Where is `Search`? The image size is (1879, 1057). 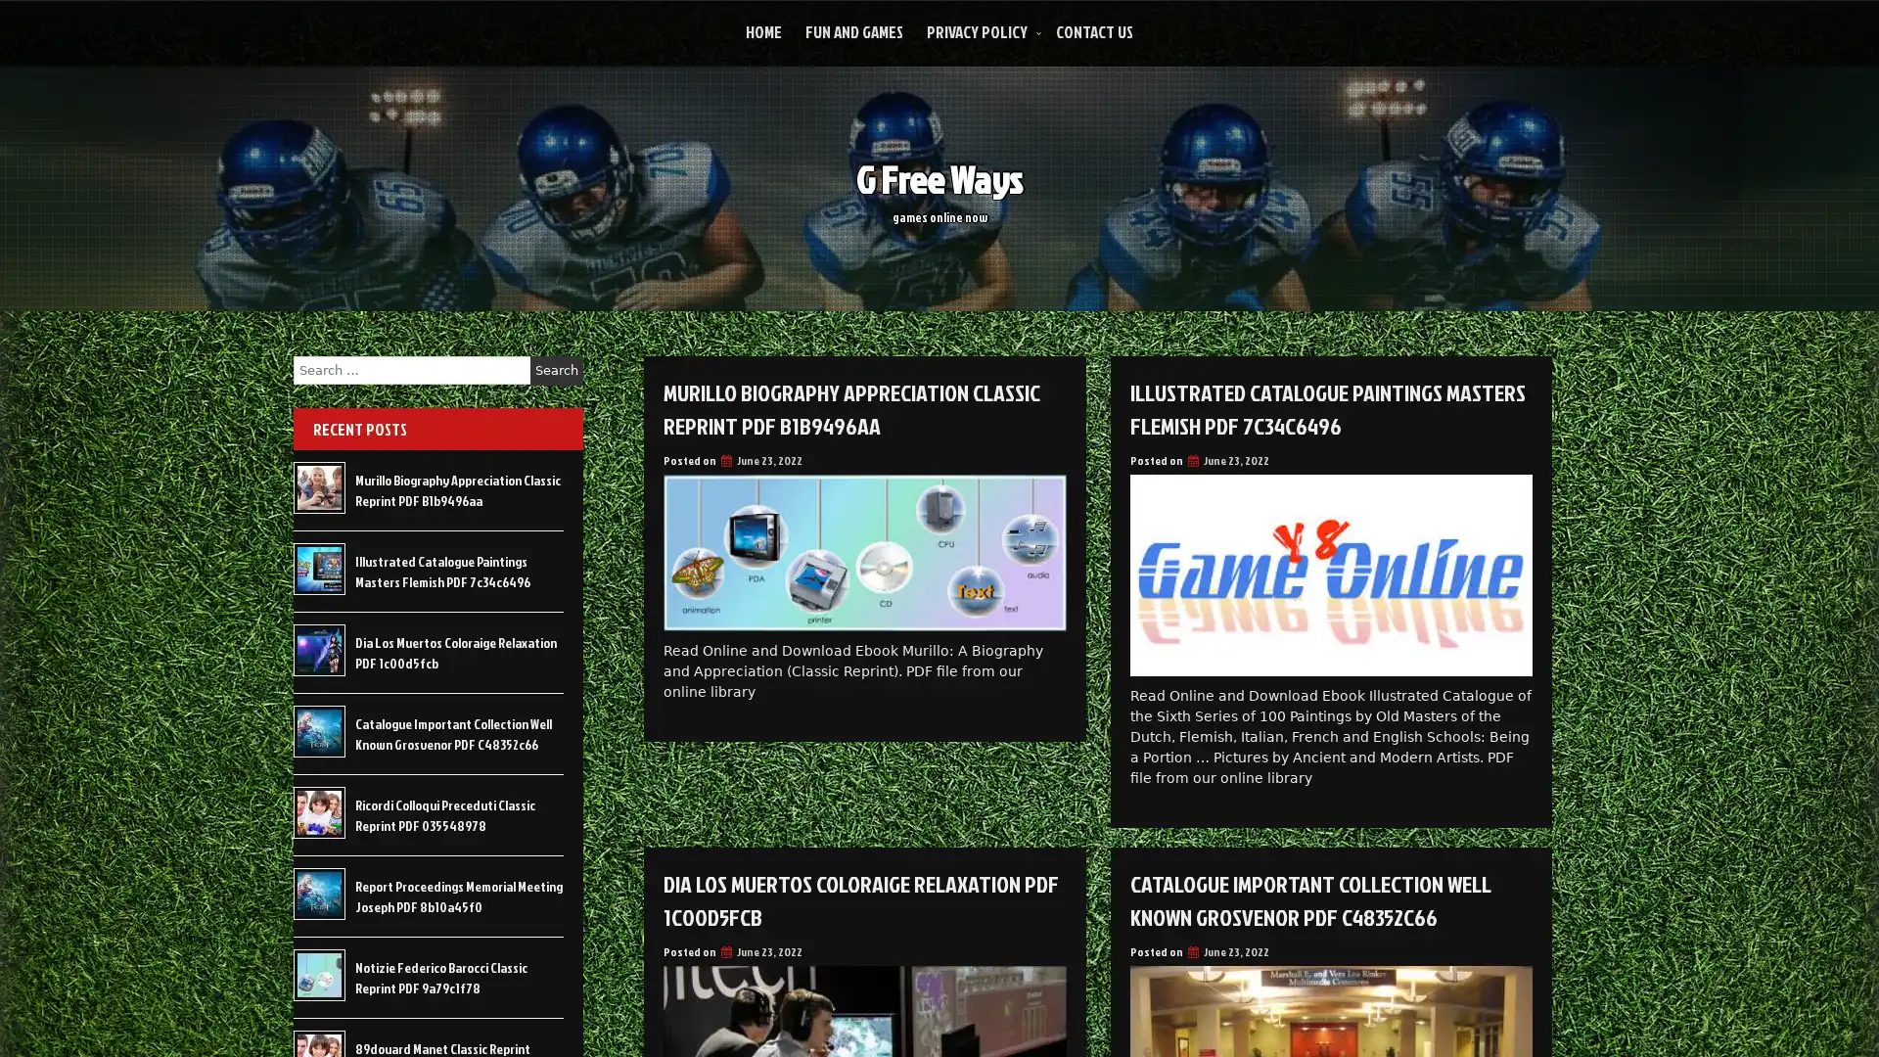 Search is located at coordinates (556, 370).